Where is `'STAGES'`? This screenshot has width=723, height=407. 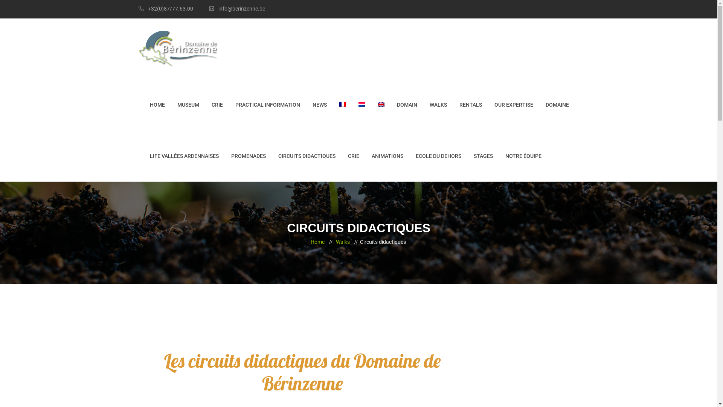 'STAGES' is located at coordinates (483, 155).